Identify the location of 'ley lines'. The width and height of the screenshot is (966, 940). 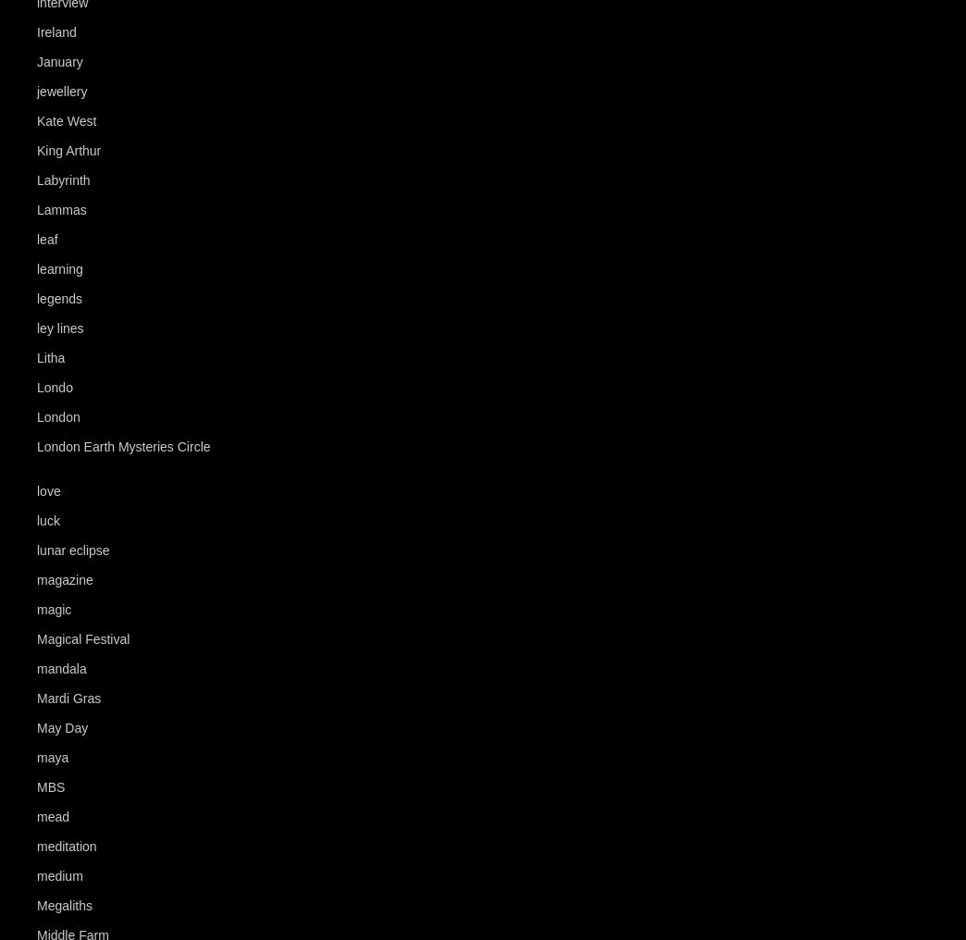
(59, 328).